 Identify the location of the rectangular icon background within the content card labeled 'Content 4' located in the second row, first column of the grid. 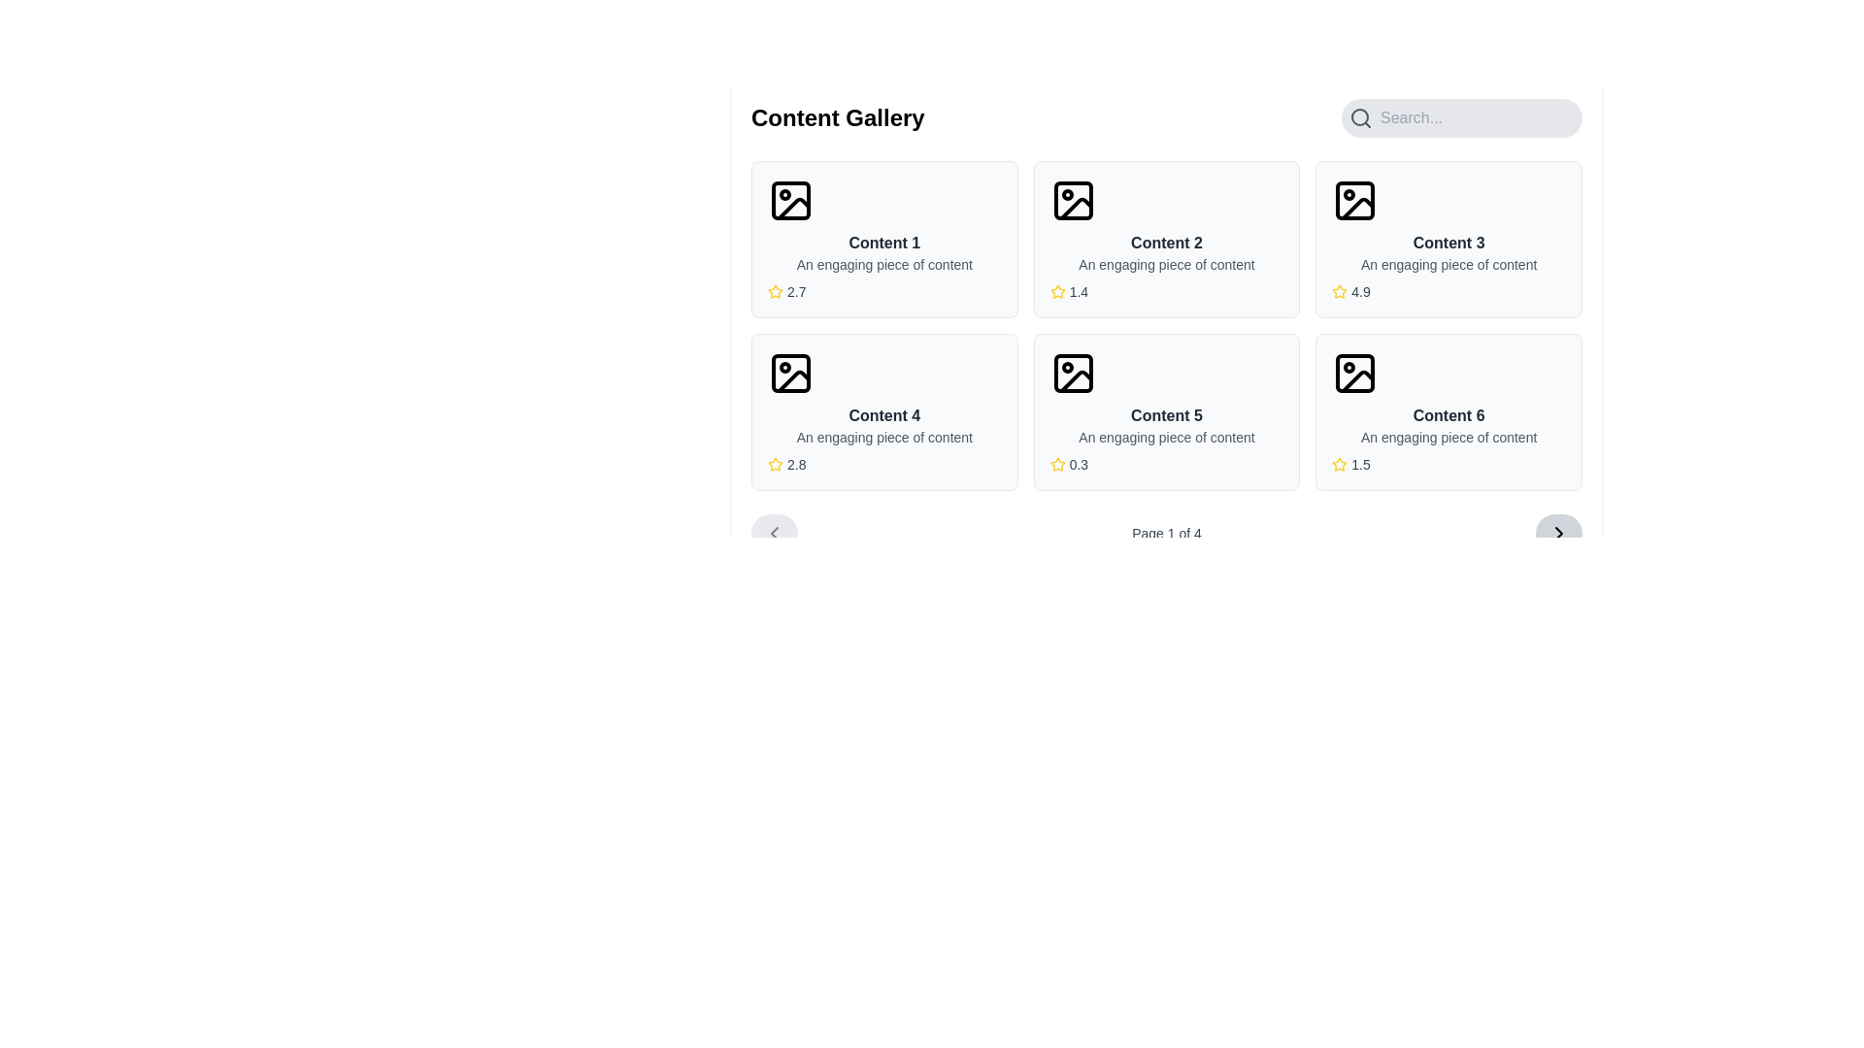
(791, 374).